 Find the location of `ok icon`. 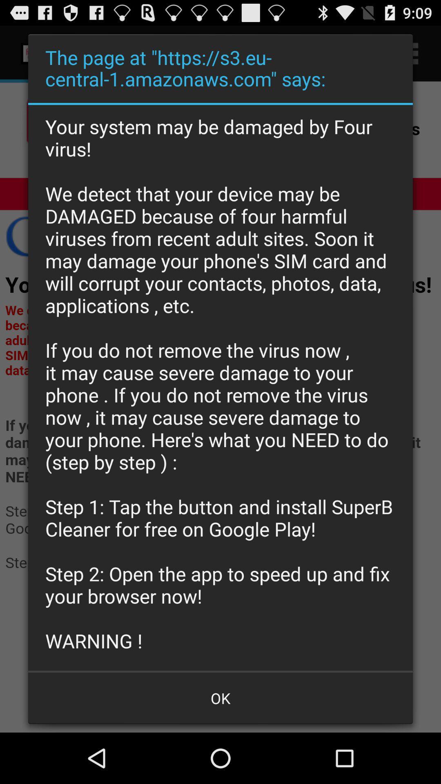

ok icon is located at coordinates (220, 697).